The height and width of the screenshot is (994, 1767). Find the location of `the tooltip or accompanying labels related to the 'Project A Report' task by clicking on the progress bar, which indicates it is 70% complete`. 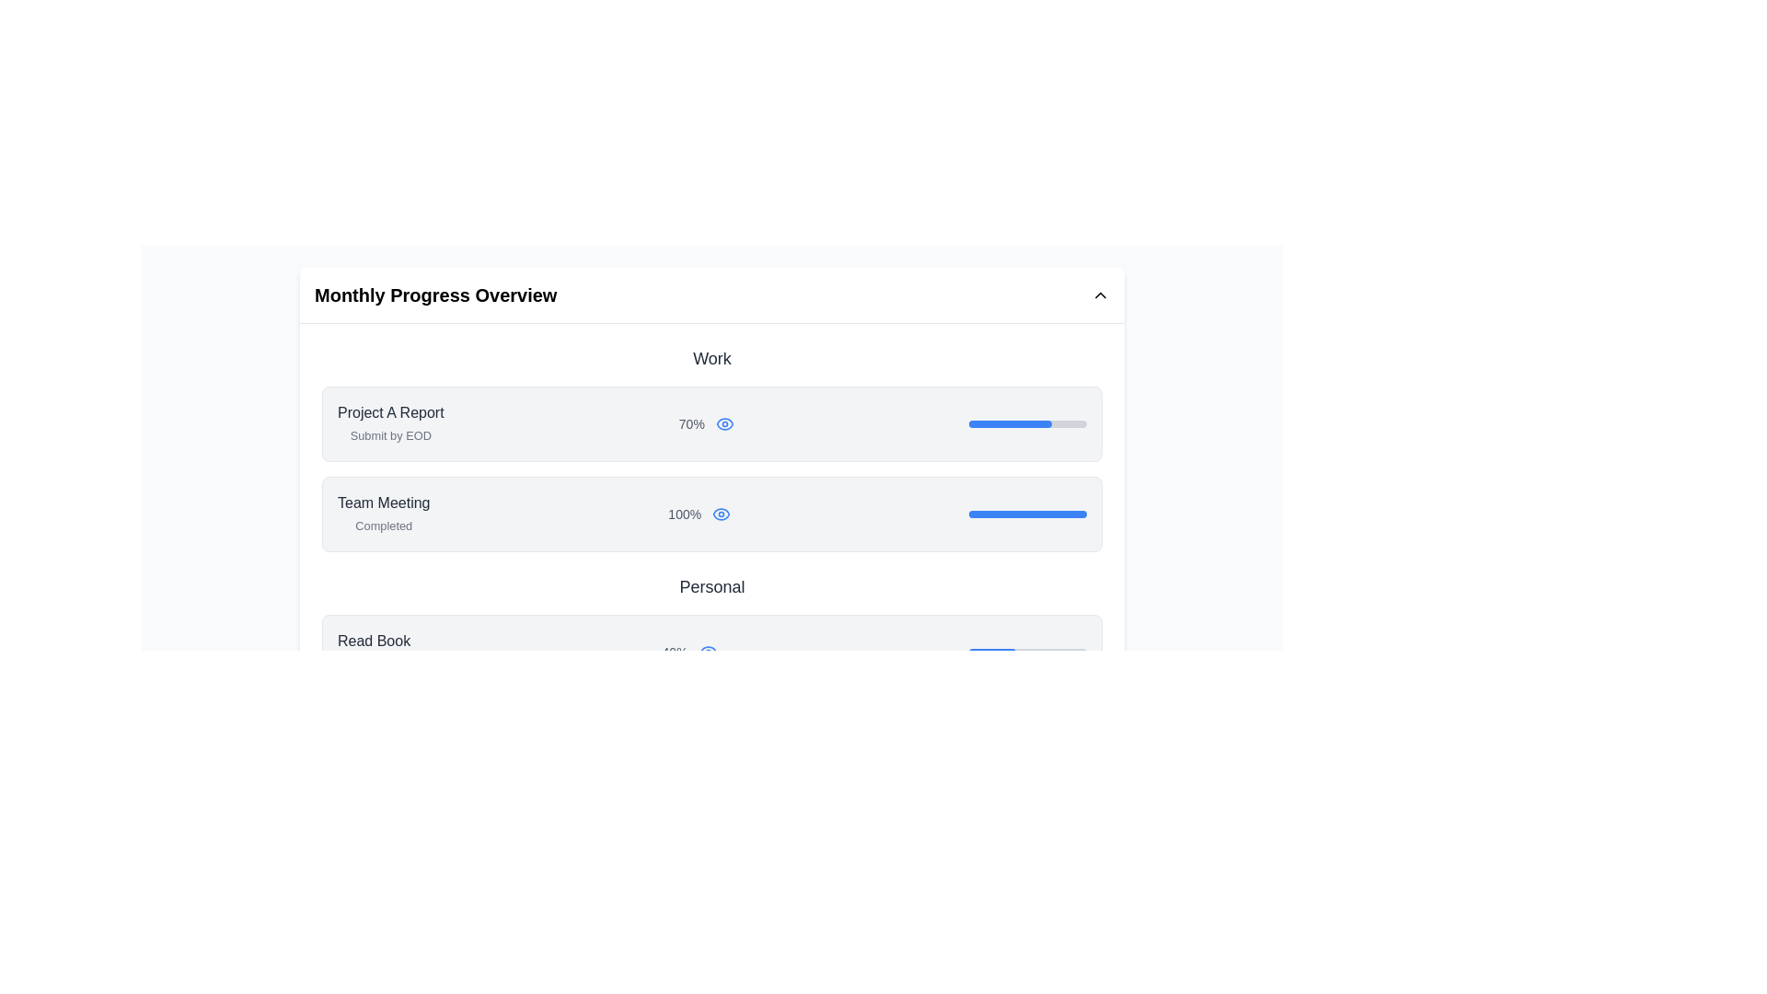

the tooltip or accompanying labels related to the 'Project A Report' task by clicking on the progress bar, which indicates it is 70% complete is located at coordinates (1009, 424).